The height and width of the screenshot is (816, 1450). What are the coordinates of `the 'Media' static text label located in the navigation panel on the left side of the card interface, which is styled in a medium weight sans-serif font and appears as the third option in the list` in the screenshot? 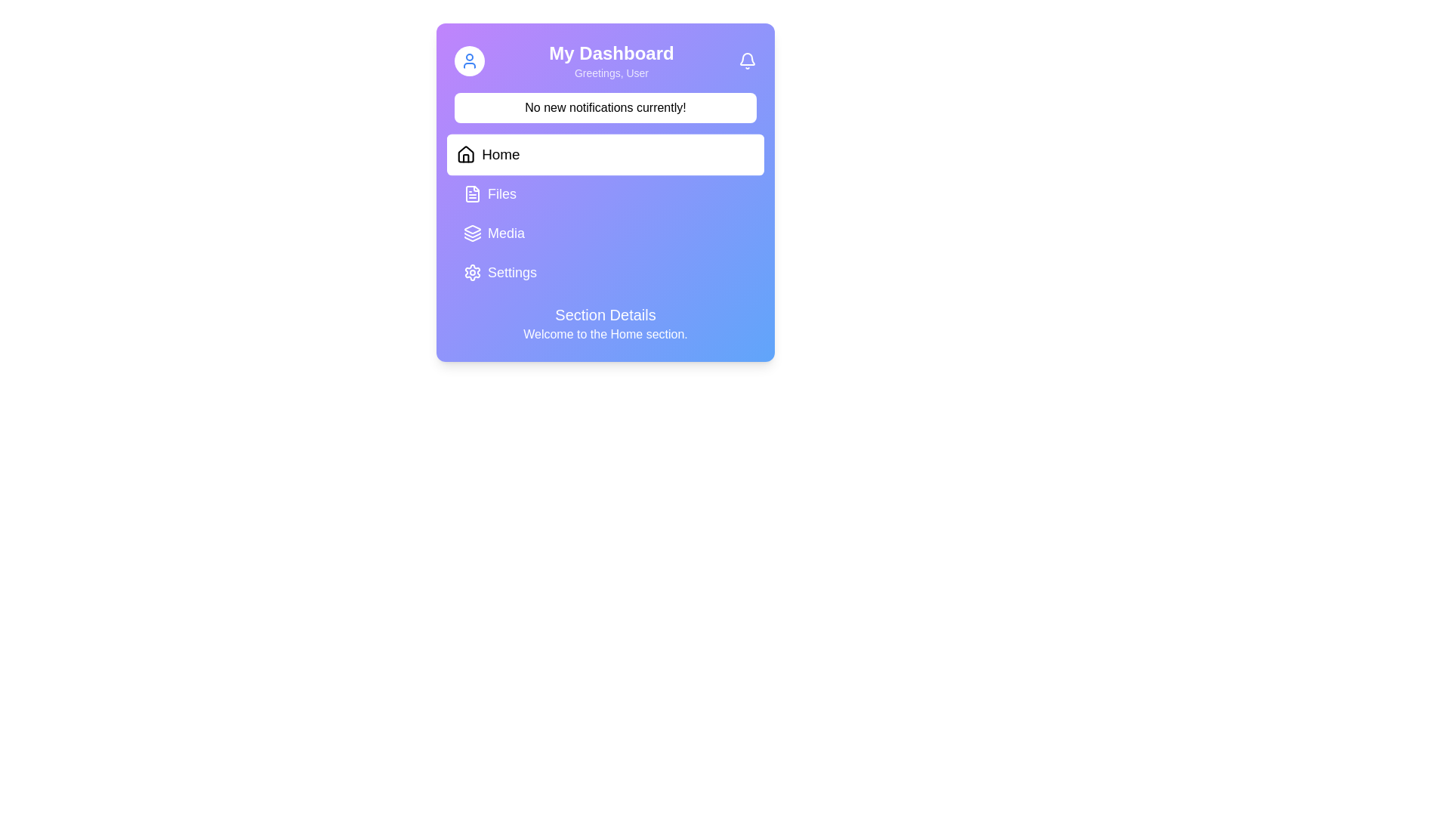 It's located at (506, 233).